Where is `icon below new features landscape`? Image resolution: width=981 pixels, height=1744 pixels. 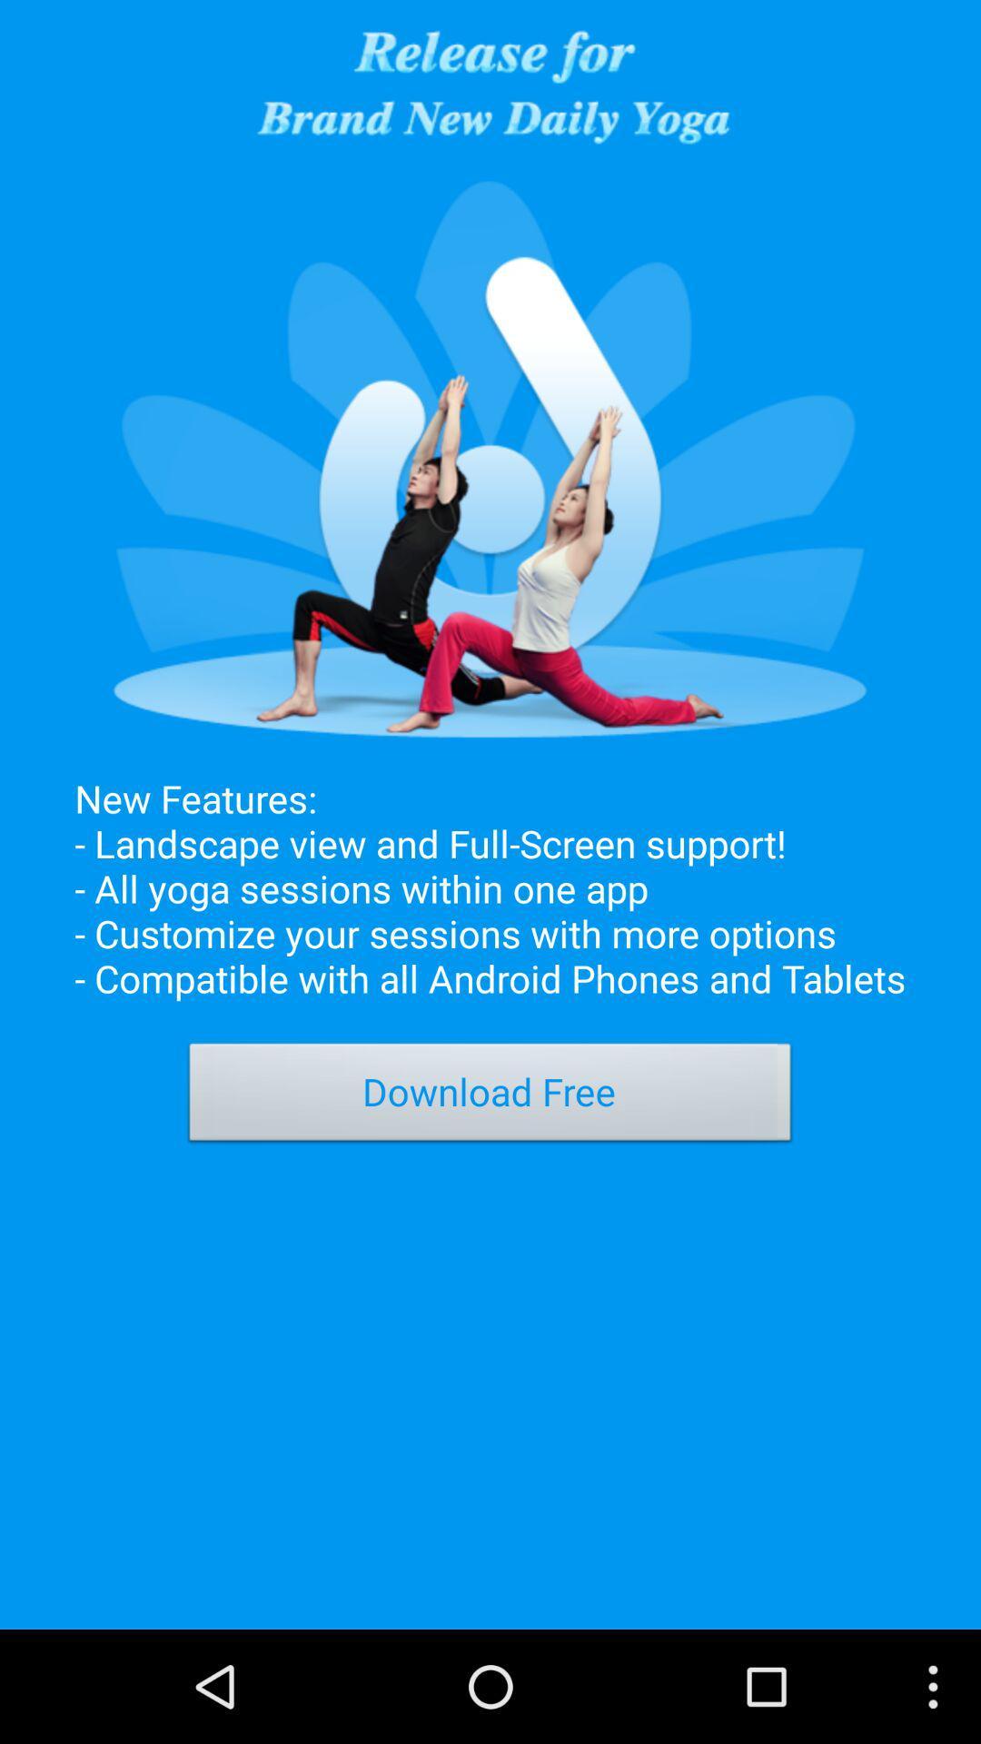 icon below new features landscape is located at coordinates (490, 1096).